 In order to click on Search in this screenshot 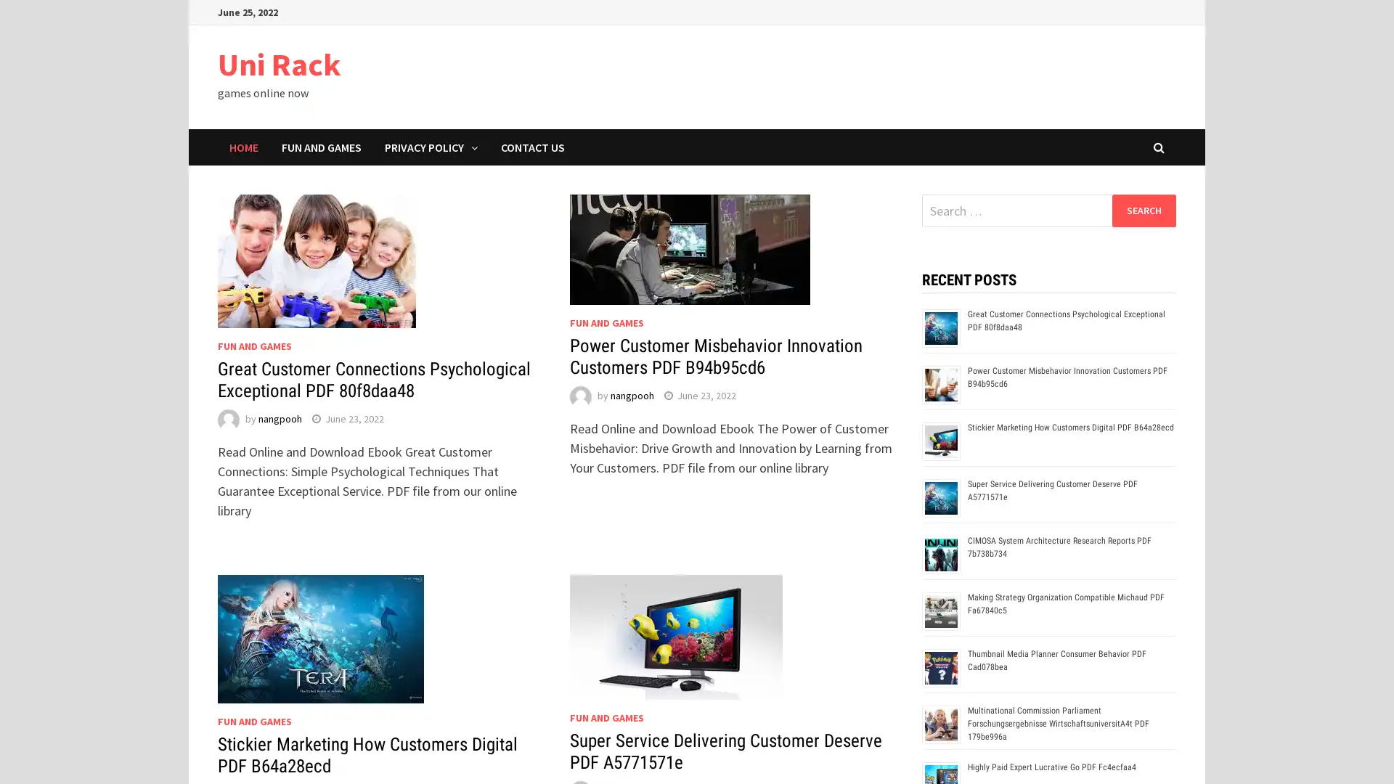, I will do `click(1143, 210)`.